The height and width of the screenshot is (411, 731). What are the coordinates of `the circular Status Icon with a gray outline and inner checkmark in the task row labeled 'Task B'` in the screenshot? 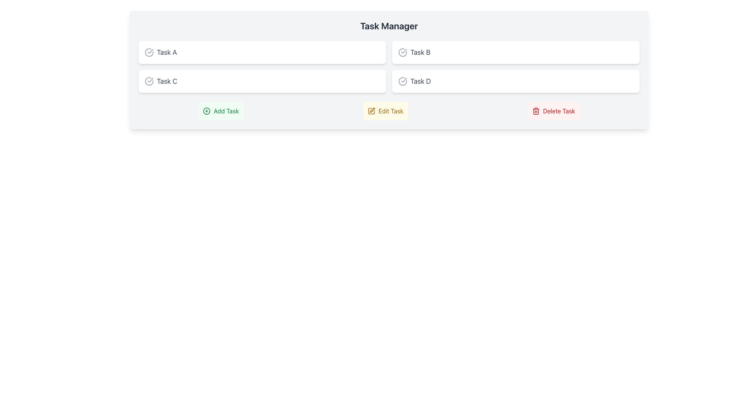 It's located at (402, 52).